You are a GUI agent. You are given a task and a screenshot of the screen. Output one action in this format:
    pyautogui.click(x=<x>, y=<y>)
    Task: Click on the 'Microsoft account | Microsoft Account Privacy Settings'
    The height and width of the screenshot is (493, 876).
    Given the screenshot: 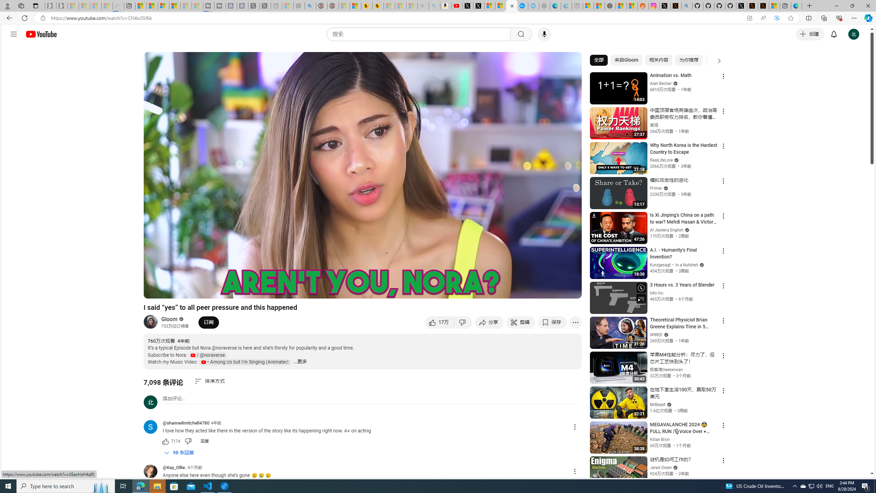 What is the action you would take?
    pyautogui.click(x=588, y=5)
    